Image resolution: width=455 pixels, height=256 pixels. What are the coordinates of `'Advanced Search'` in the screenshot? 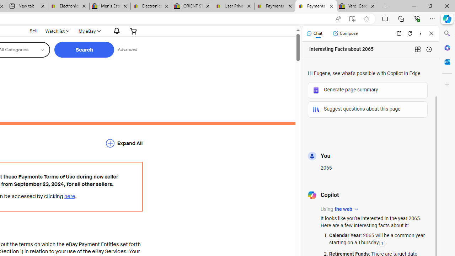 It's located at (128, 49).